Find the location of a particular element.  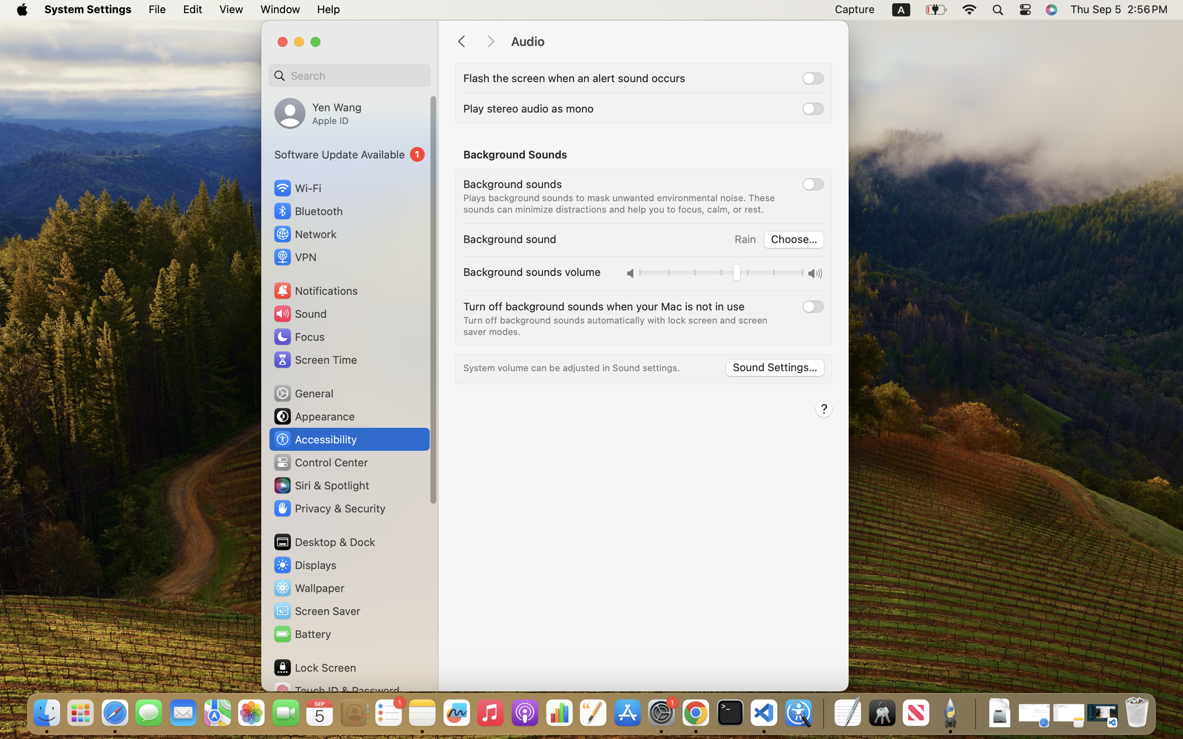

'Control Center' is located at coordinates (320, 462).